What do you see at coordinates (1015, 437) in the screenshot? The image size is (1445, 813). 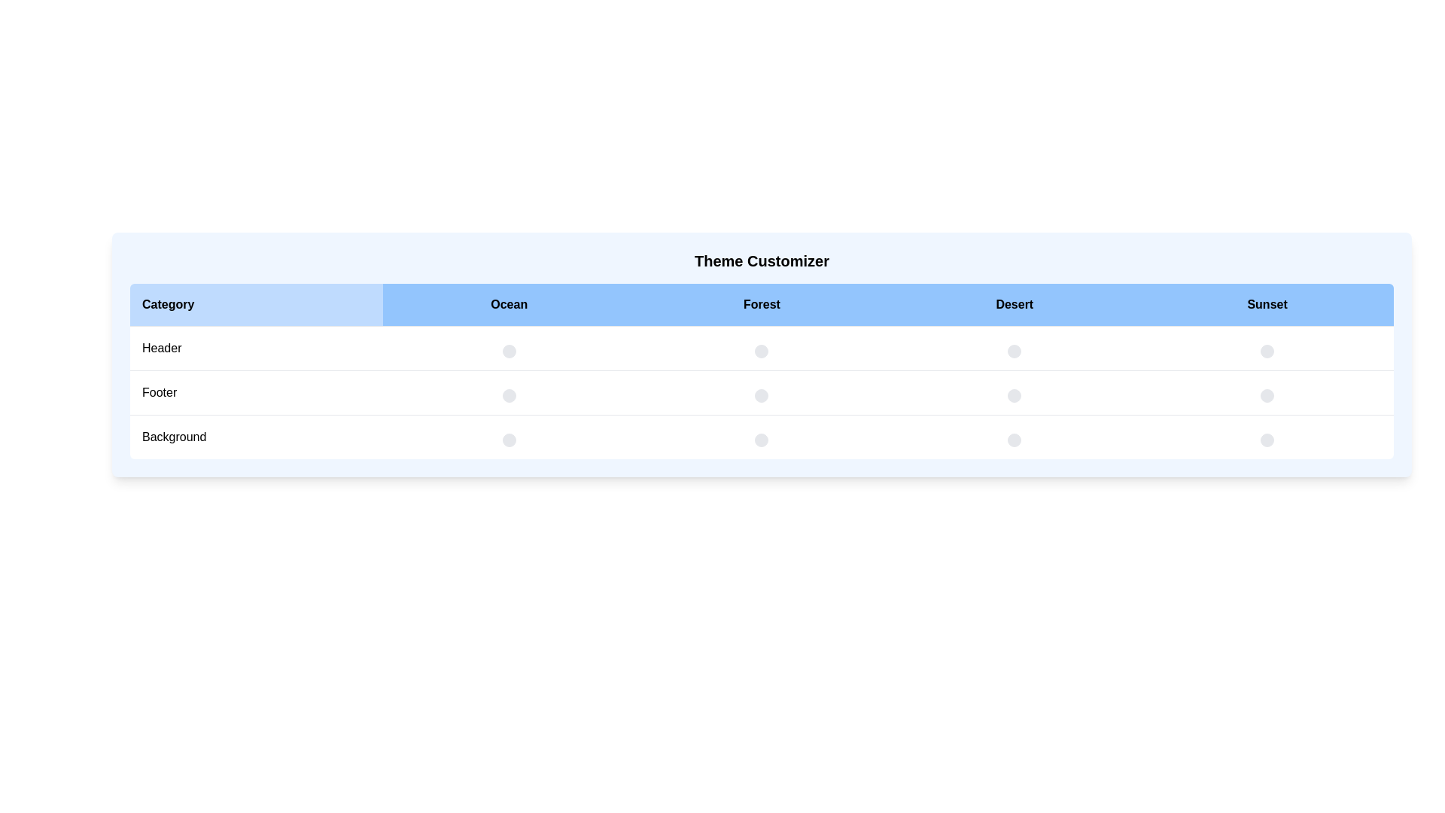 I see `the light gray circular button with a darker border located in the third row and fourth column of the Theme Customizer grid layout` at bounding box center [1015, 437].